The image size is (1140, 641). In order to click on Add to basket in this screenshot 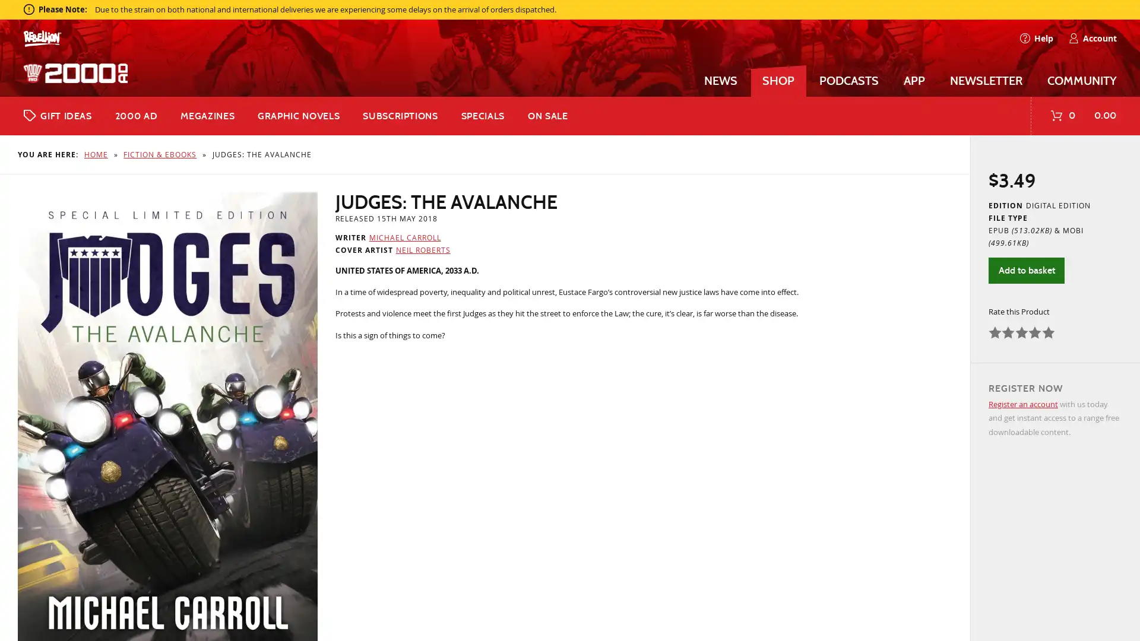, I will do `click(1025, 270)`.